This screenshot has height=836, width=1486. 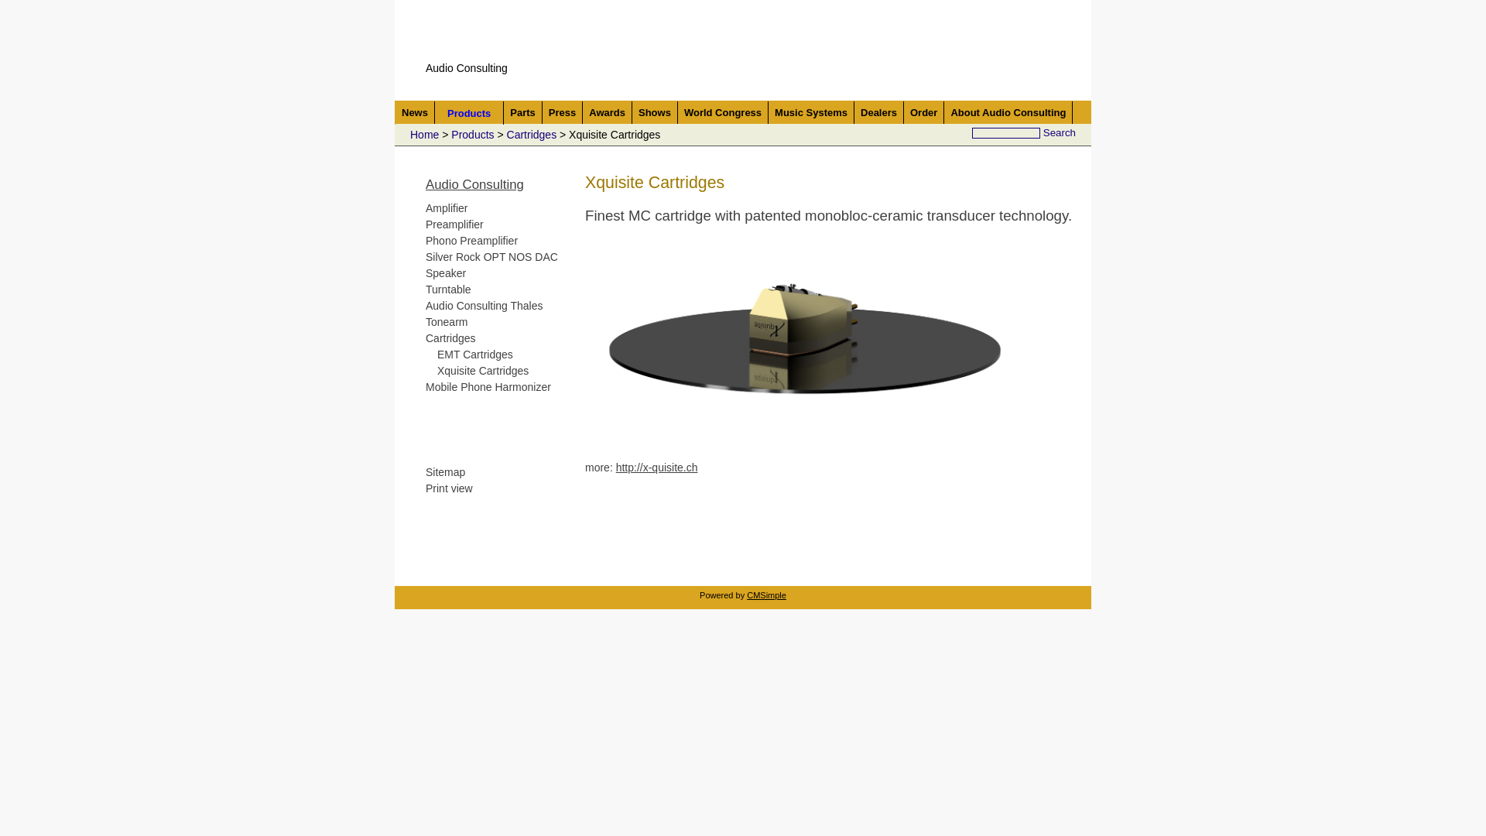 I want to click on 'News', so click(x=415, y=111).